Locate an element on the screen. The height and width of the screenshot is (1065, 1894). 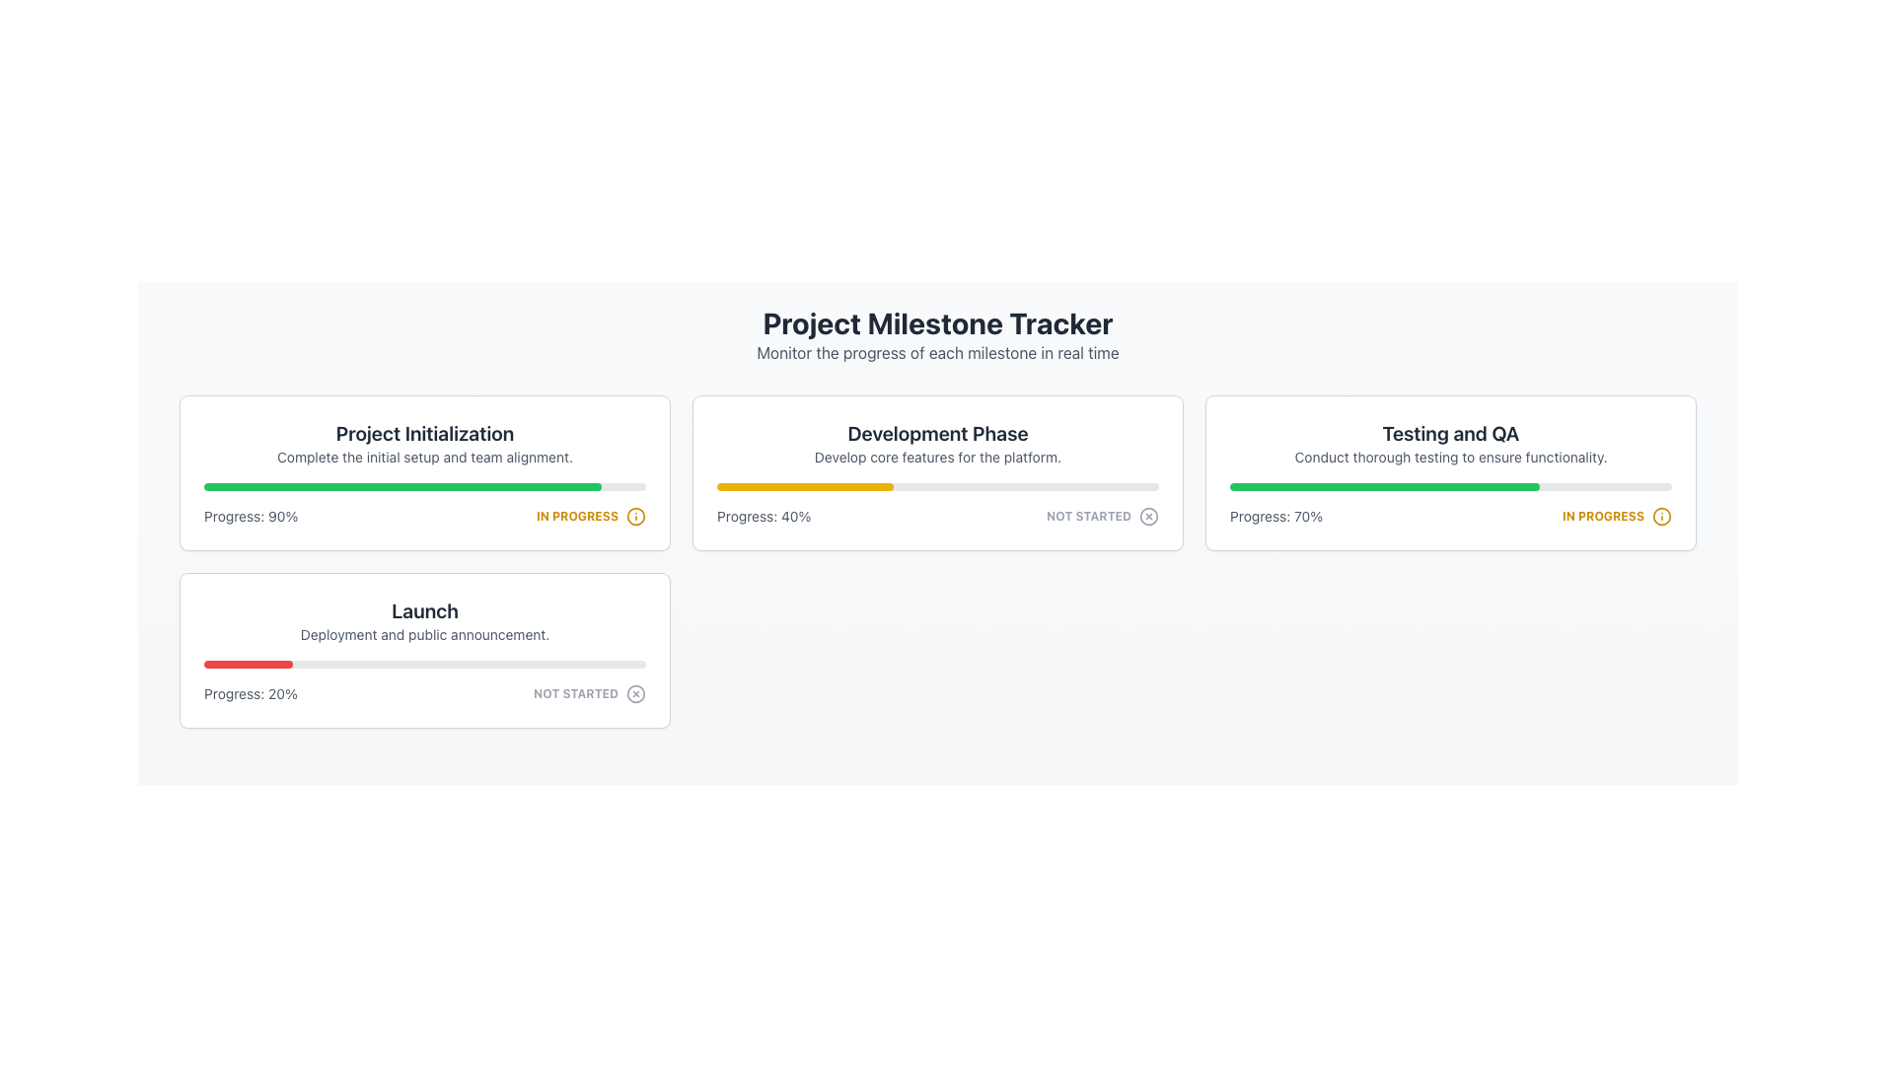
text block titled 'Testing and QA' located in the top right card of the application's main grid layout, which contains the description 'Conduct thorough testing to ensure functionality.' is located at coordinates (1450, 444).